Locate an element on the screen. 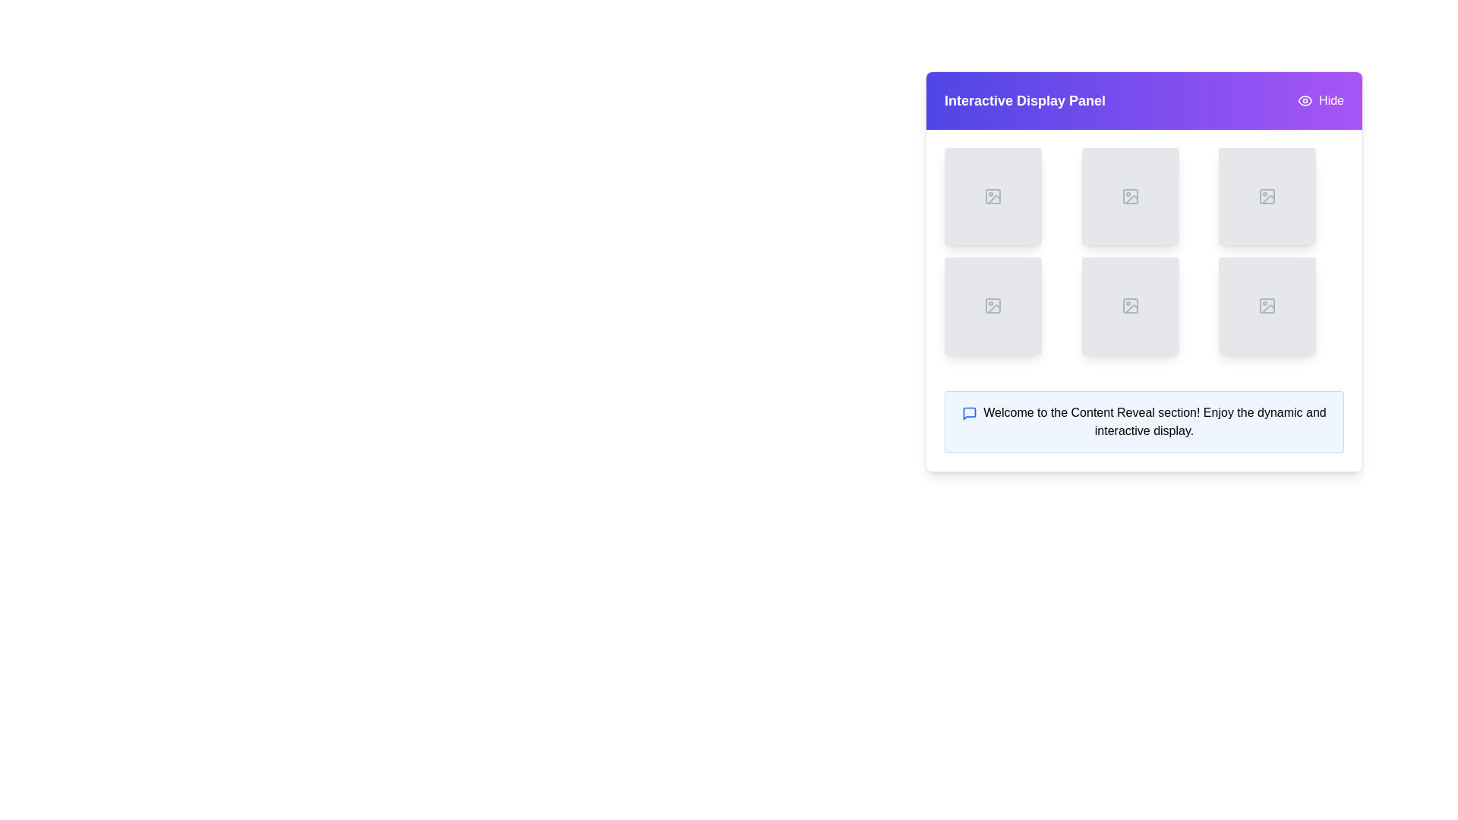 Image resolution: width=1458 pixels, height=820 pixels. the decorative icon in the second cell of the top row of the grid layout is located at coordinates (1130, 195).